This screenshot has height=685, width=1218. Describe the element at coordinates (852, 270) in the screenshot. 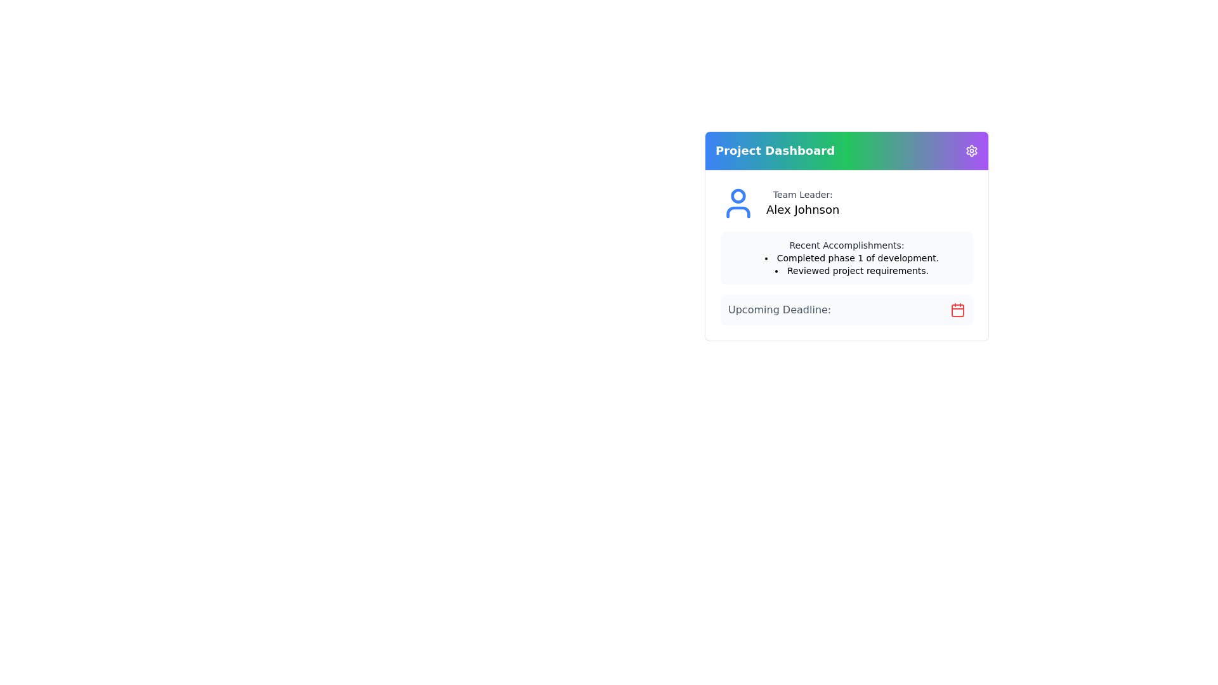

I see `the informational text indicating the accomplishment of reviewing project requirements, which is the second item in the bulleted list under the 'Recent Accomplishments' section of the project dashboard card` at that location.